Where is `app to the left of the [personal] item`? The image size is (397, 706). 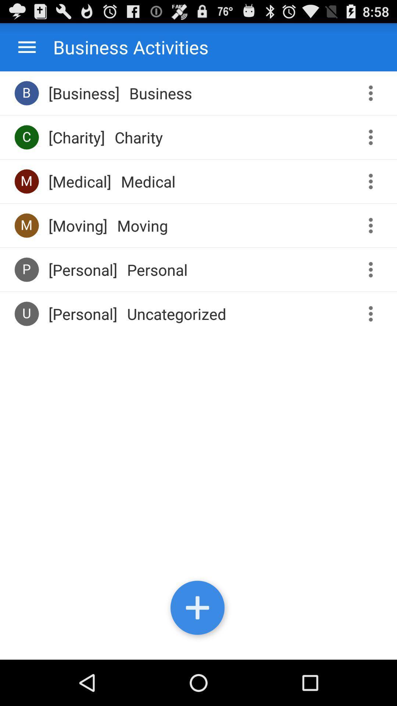 app to the left of the [personal] item is located at coordinates (26, 314).